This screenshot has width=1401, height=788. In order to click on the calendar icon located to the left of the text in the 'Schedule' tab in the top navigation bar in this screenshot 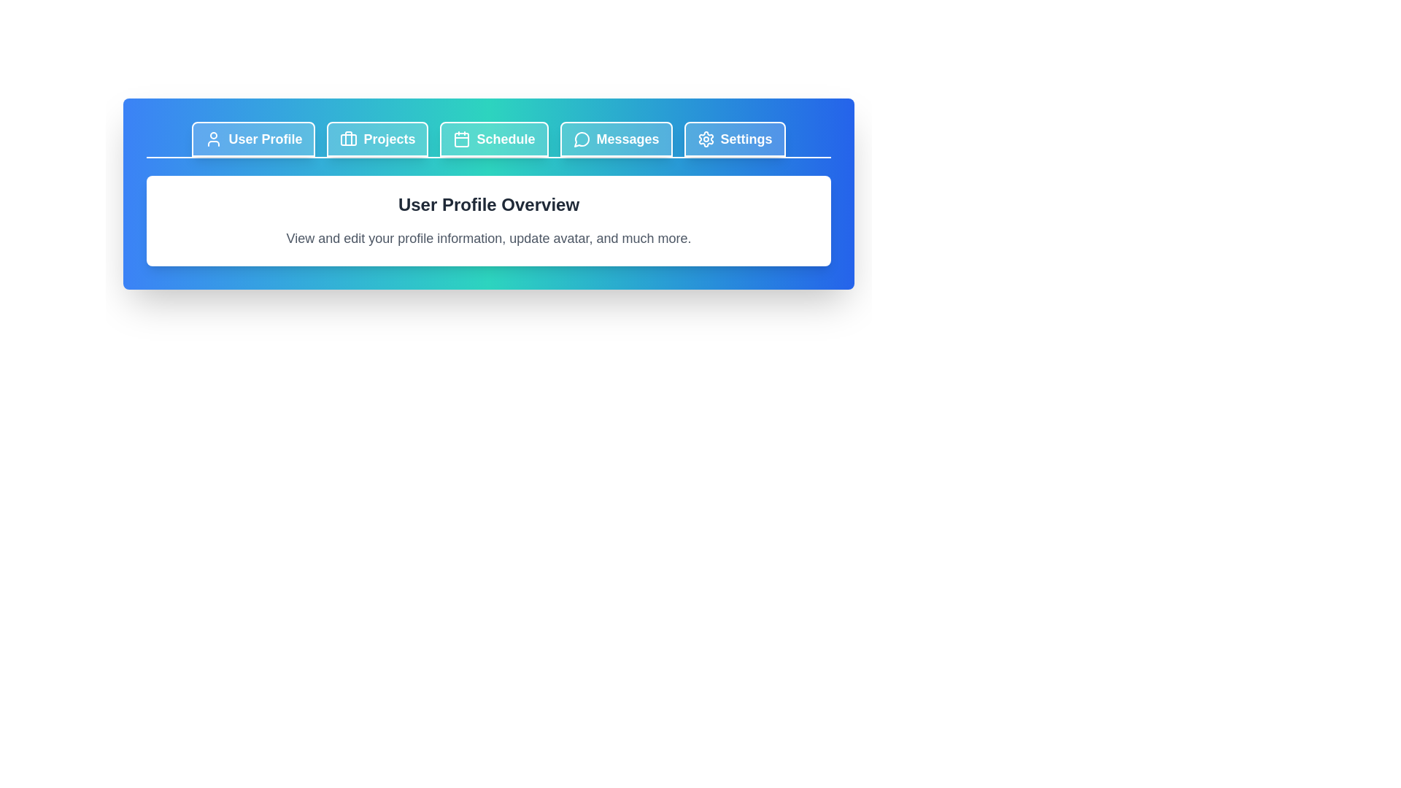, I will do `click(461, 139)`.